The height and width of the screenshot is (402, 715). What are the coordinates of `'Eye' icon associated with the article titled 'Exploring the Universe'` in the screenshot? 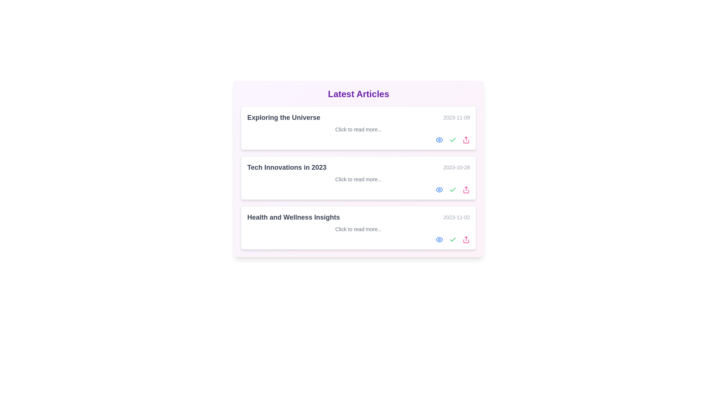 It's located at (439, 140).